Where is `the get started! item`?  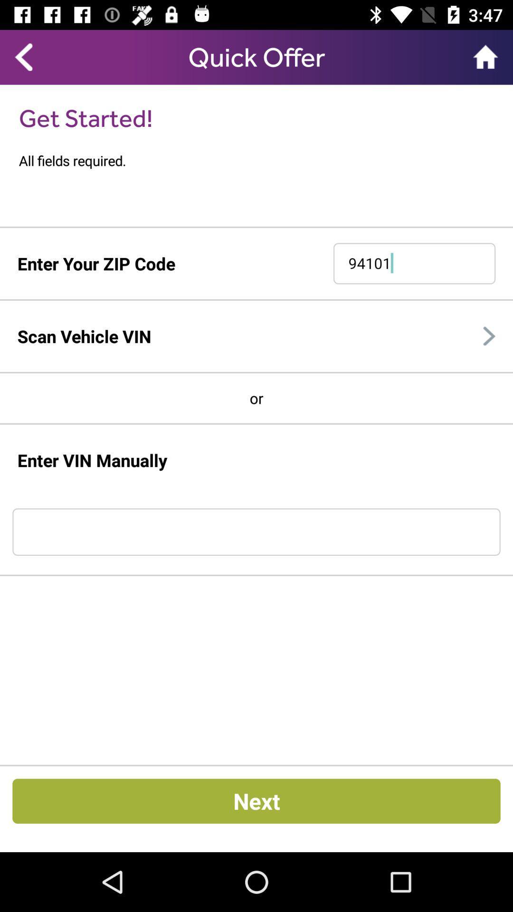
the get started! item is located at coordinates (85, 117).